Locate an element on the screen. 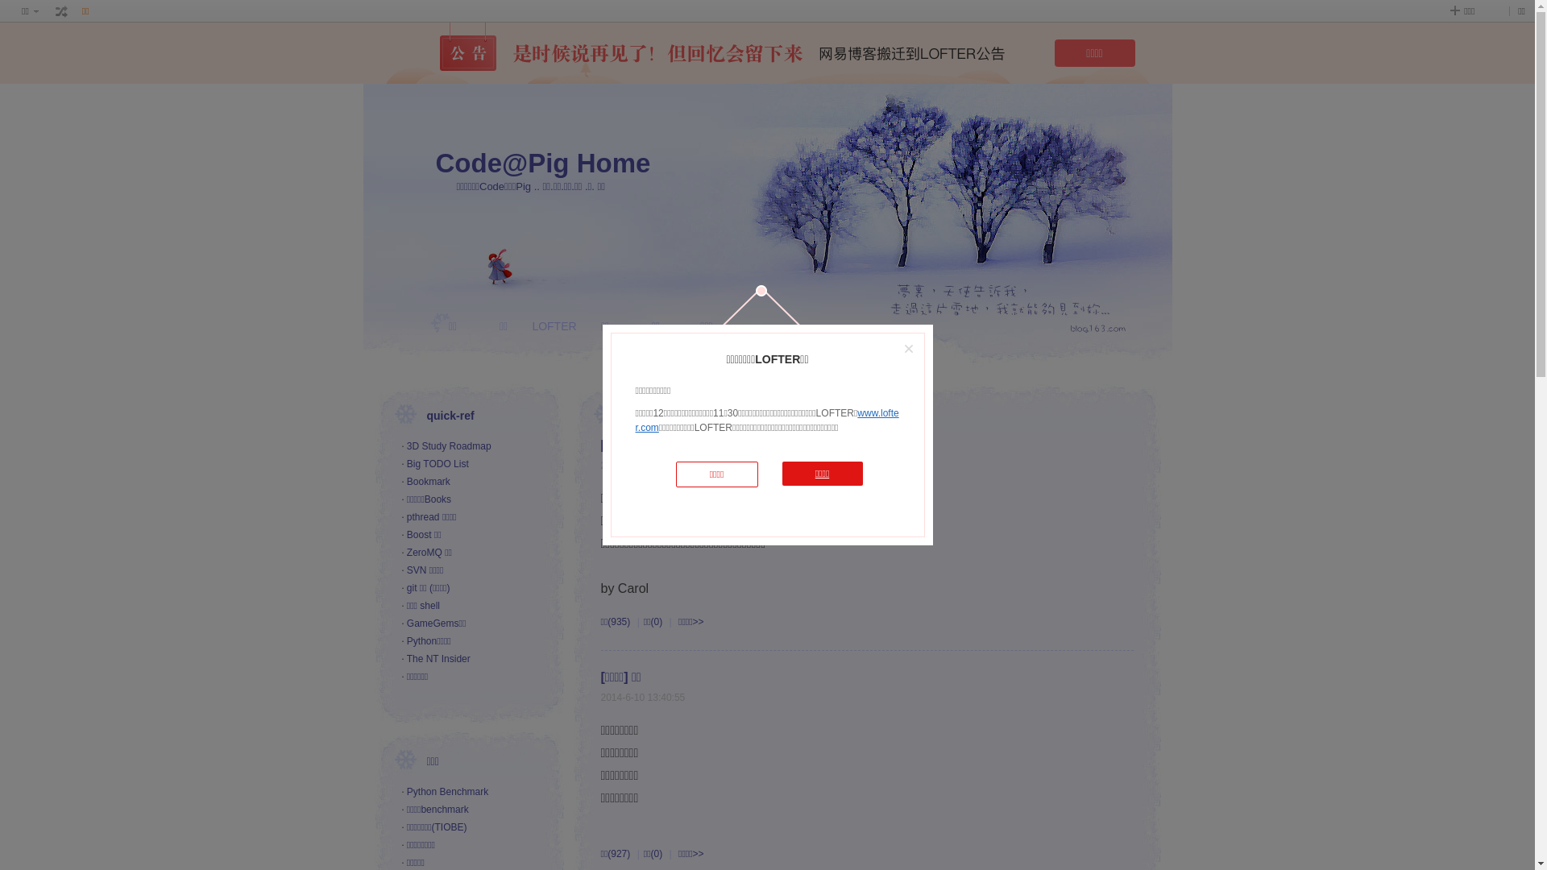  'Bookmark' is located at coordinates (429, 480).